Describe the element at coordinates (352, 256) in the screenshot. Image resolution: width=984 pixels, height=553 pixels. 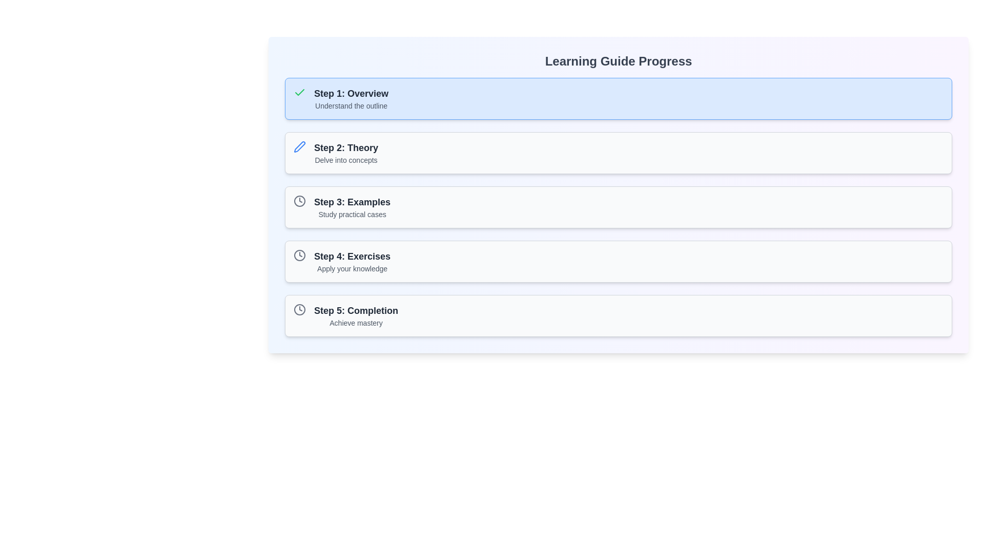
I see `the text label displaying 'Step 4: Exercises' in bold dark gray, located at the top of the fourth list item in the progress tracker interface` at that location.